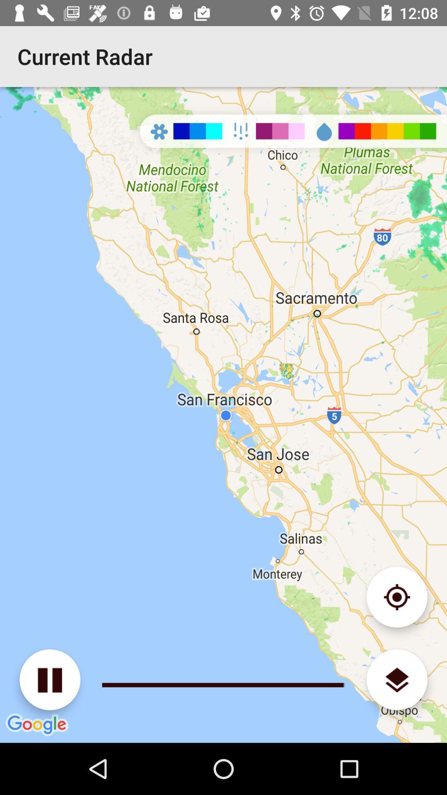 Image resolution: width=447 pixels, height=795 pixels. I want to click on find my location, so click(397, 597).